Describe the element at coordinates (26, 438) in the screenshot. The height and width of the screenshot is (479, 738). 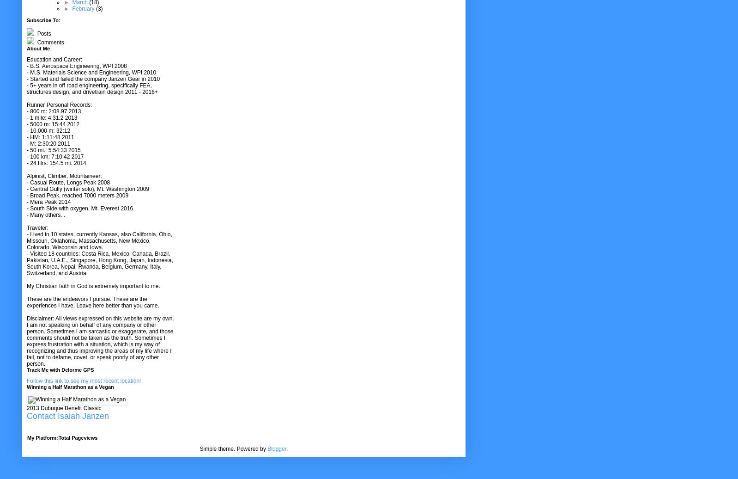
I see `'My Platform:'` at that location.